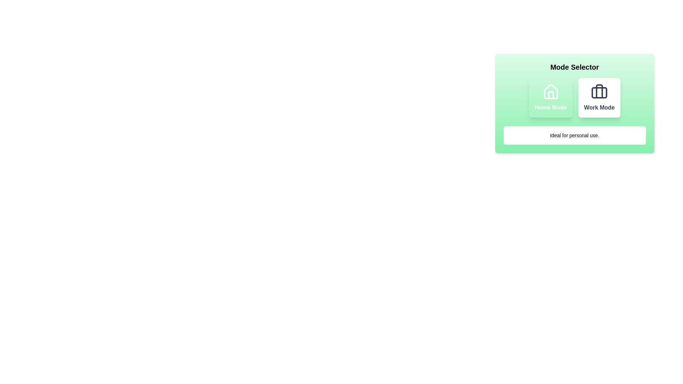 The width and height of the screenshot is (683, 384). Describe the element at coordinates (550, 97) in the screenshot. I see `the 'Home Mode' button to activate the Home mode` at that location.